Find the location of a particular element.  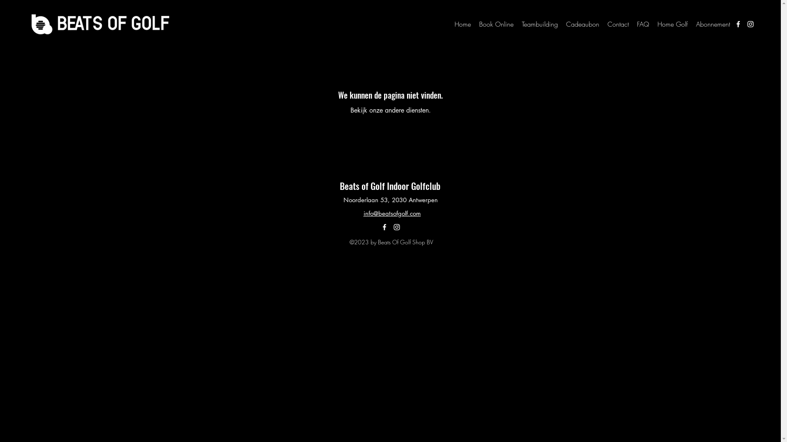

'Book Online' is located at coordinates (496, 23).